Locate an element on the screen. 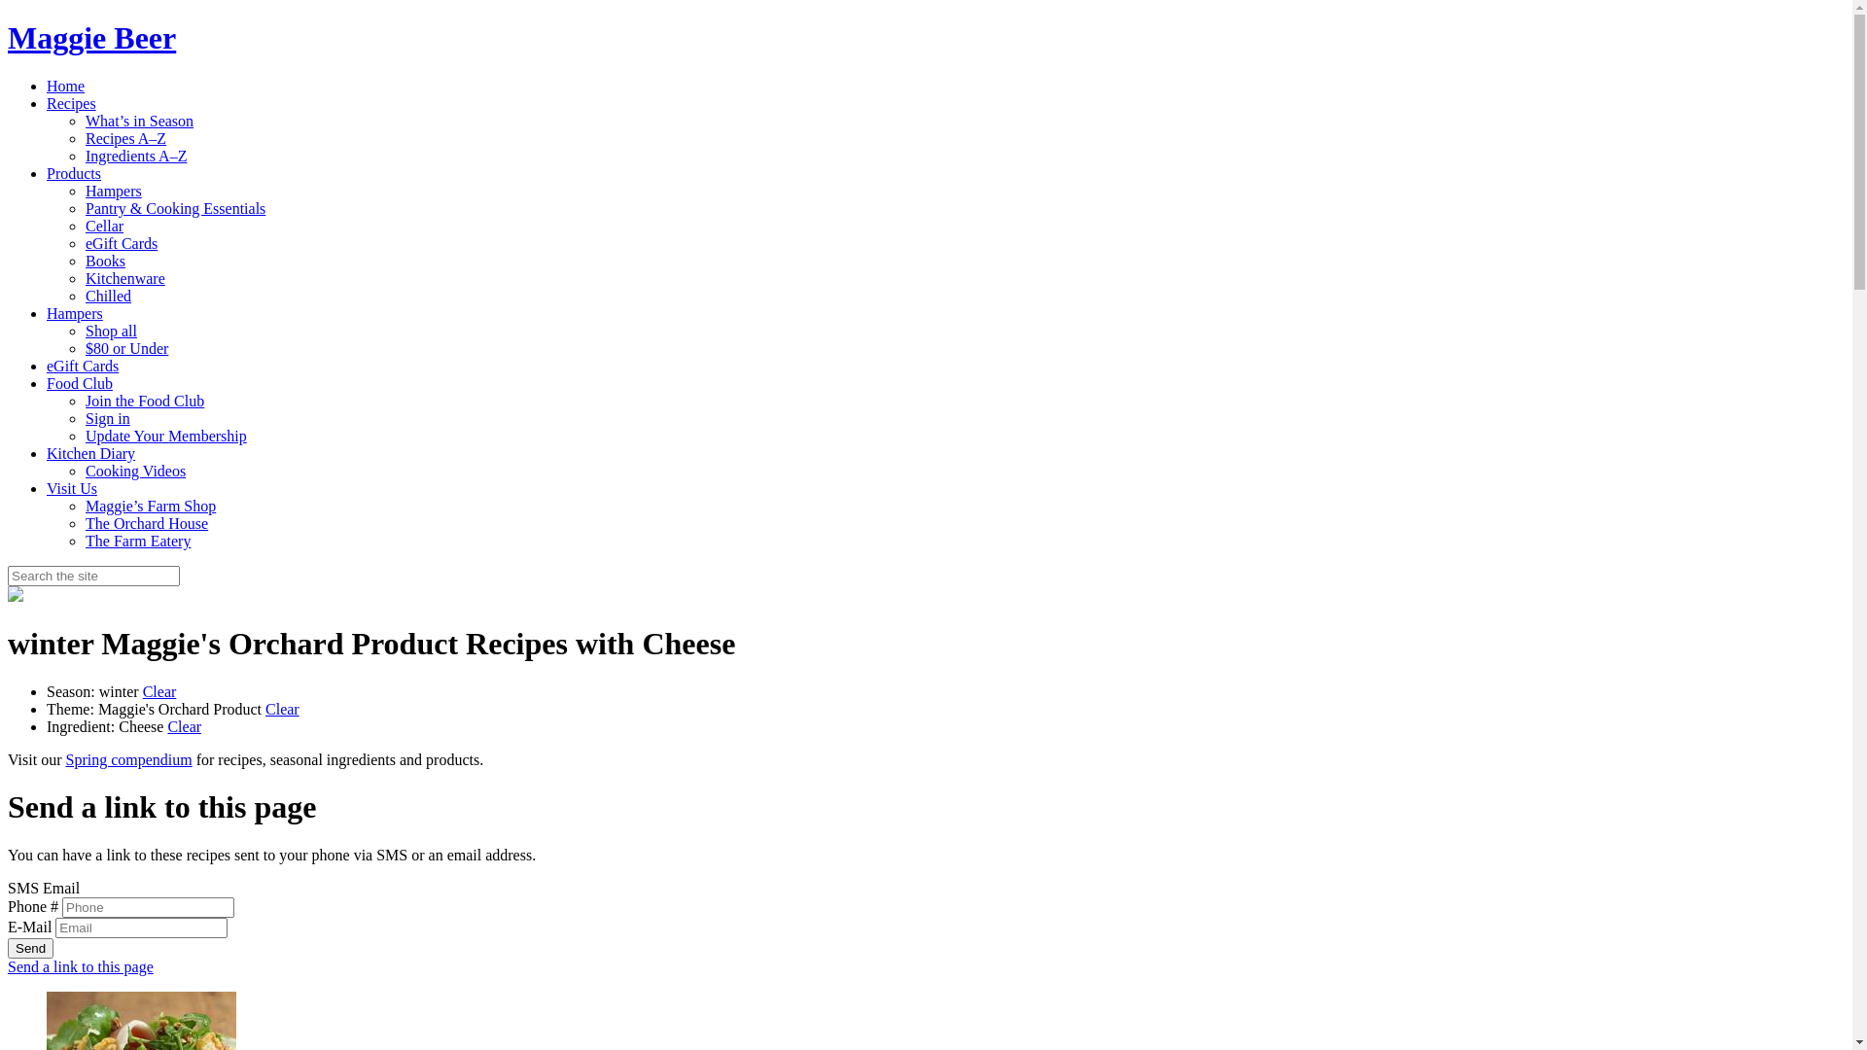 This screenshot has height=1050, width=1867. 'The Farm Eatery' is located at coordinates (84, 541).